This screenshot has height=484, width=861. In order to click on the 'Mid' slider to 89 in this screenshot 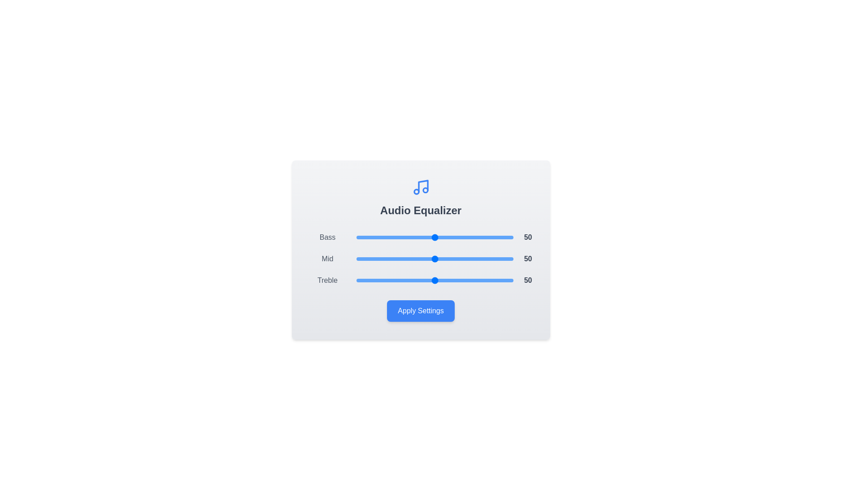, I will do `click(496, 259)`.